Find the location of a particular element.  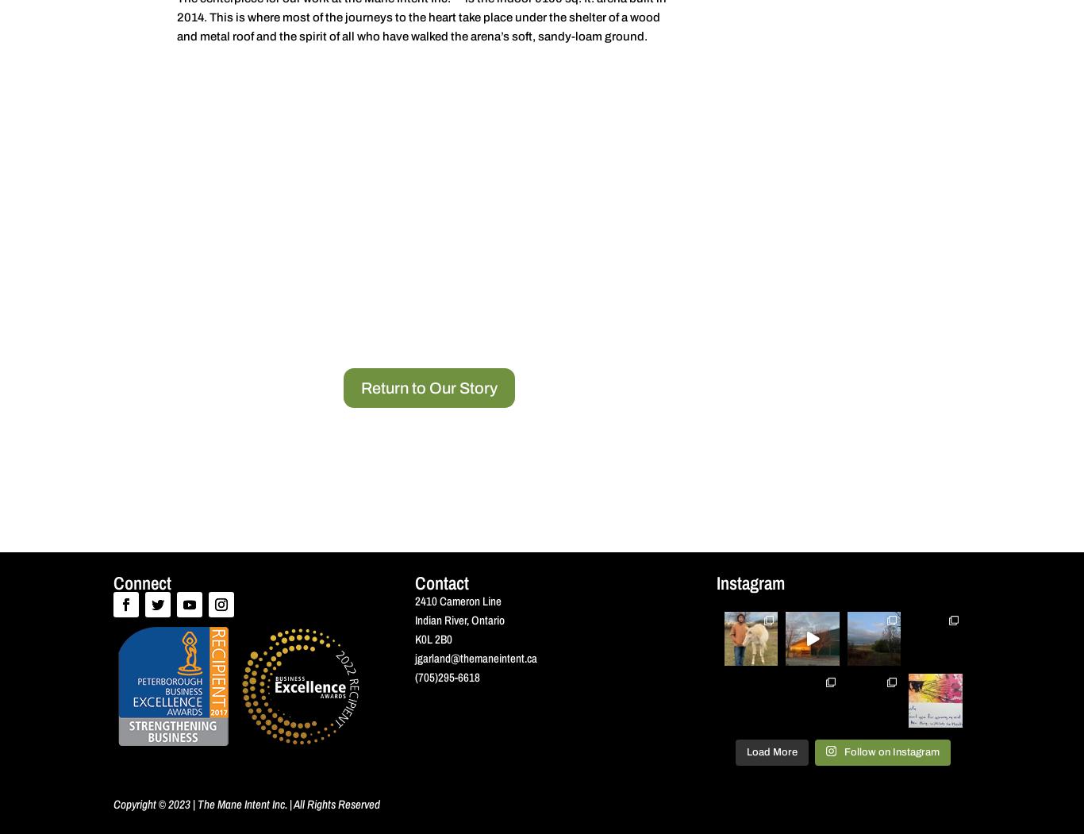

'Copyright © 2023 | The Mane Intent Inc. | All Rights Reserved' is located at coordinates (247, 803).